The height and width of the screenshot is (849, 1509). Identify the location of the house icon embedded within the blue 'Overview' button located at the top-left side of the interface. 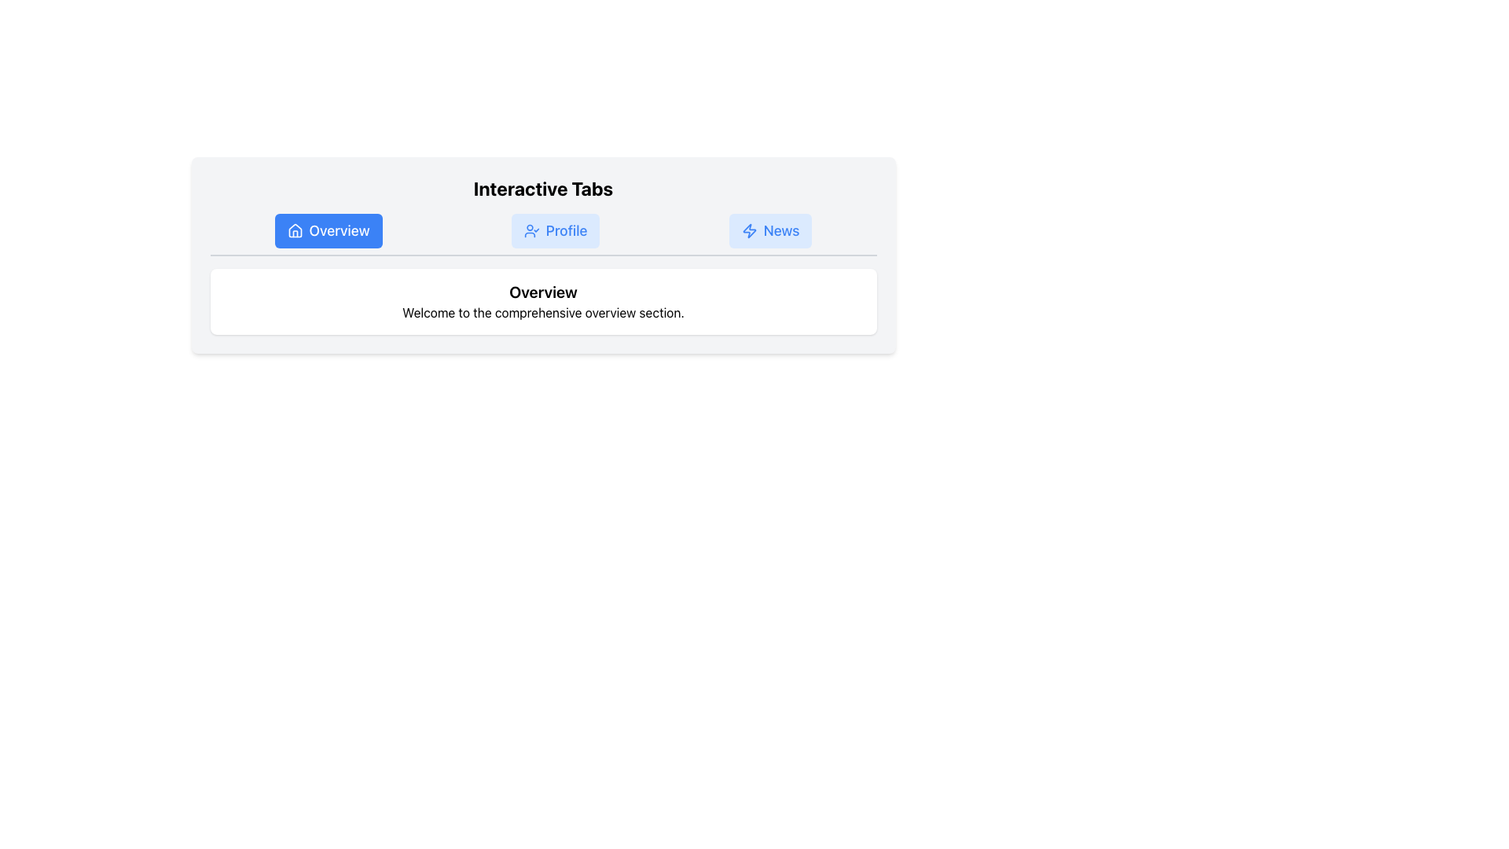
(295, 230).